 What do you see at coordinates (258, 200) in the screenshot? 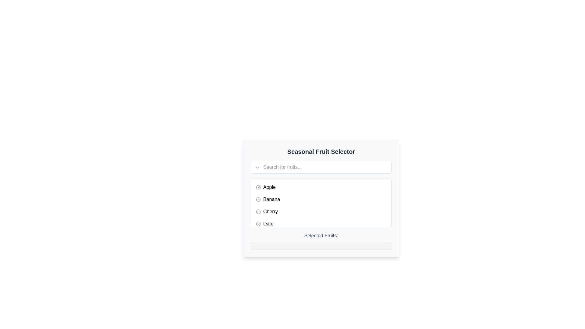
I see `the circular vector icon with a checkmark inside, located next to the text 'Banana' in the Seasonal Fruit Selector, which is the second option in the list` at bounding box center [258, 200].